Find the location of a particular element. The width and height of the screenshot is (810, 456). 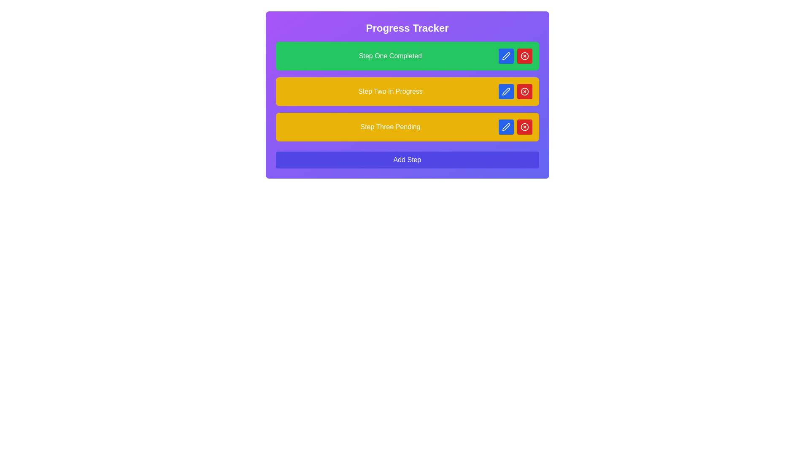

the 'edit' button within the interactive buttons group located to the right of the 'Step Three Pending' yellow bar in the Progress Tracker is located at coordinates (515, 127).